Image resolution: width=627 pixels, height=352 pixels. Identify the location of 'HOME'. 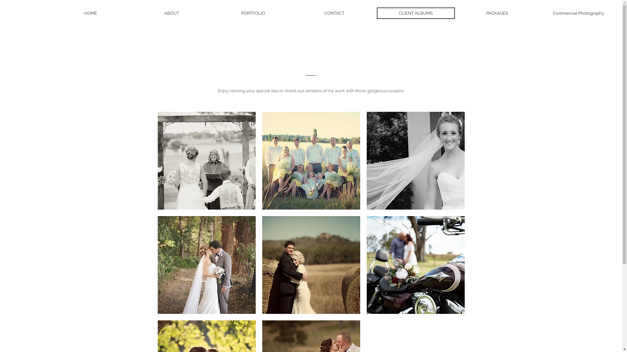
(90, 13).